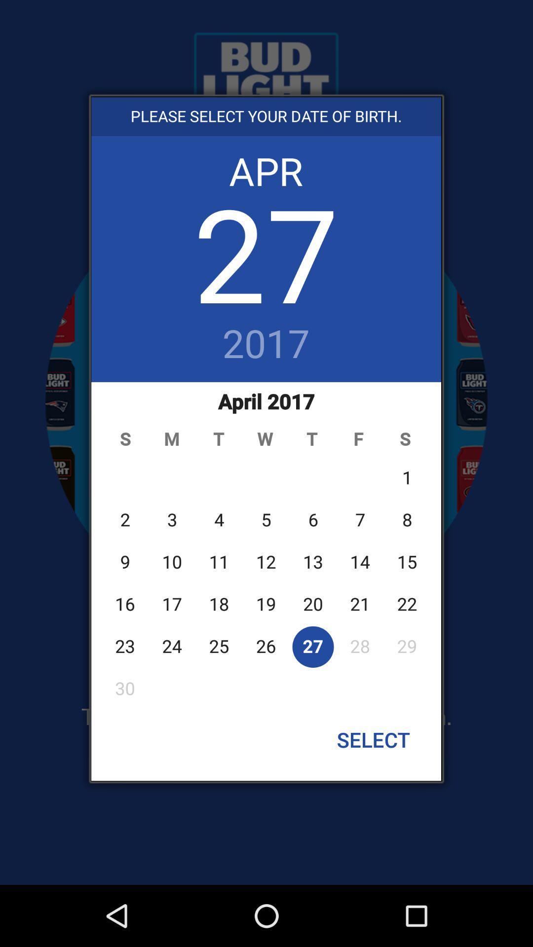  I want to click on the 2017, so click(266, 345).